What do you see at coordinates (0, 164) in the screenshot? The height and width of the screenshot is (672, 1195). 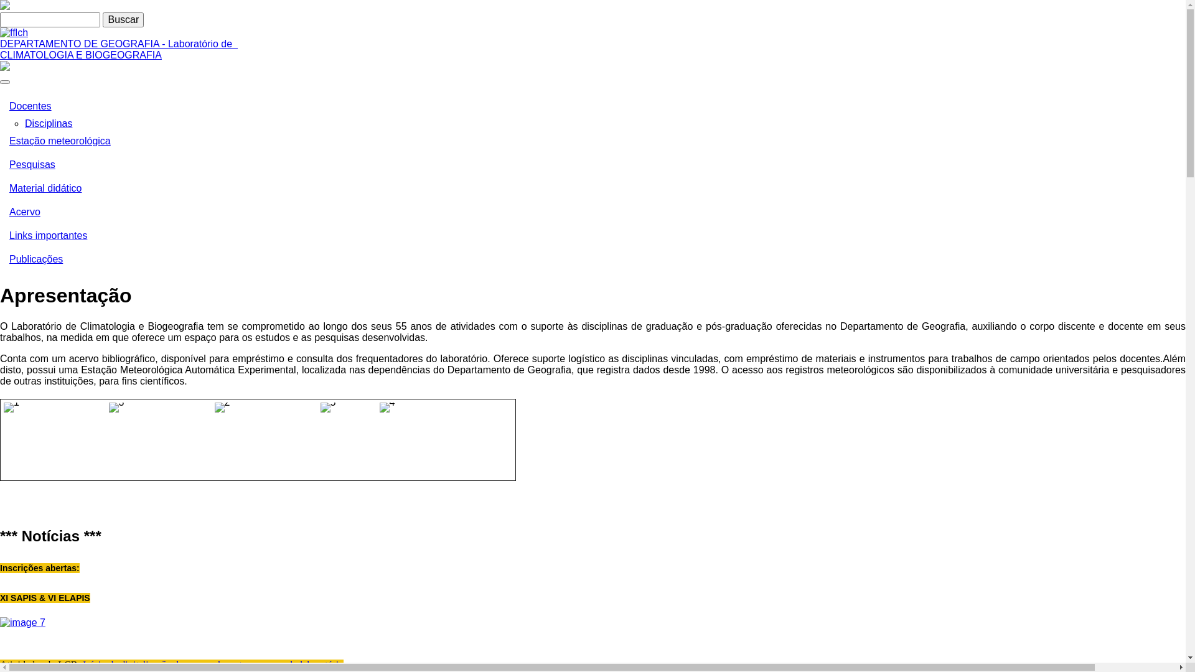 I see `'Pesquisas'` at bounding box center [0, 164].